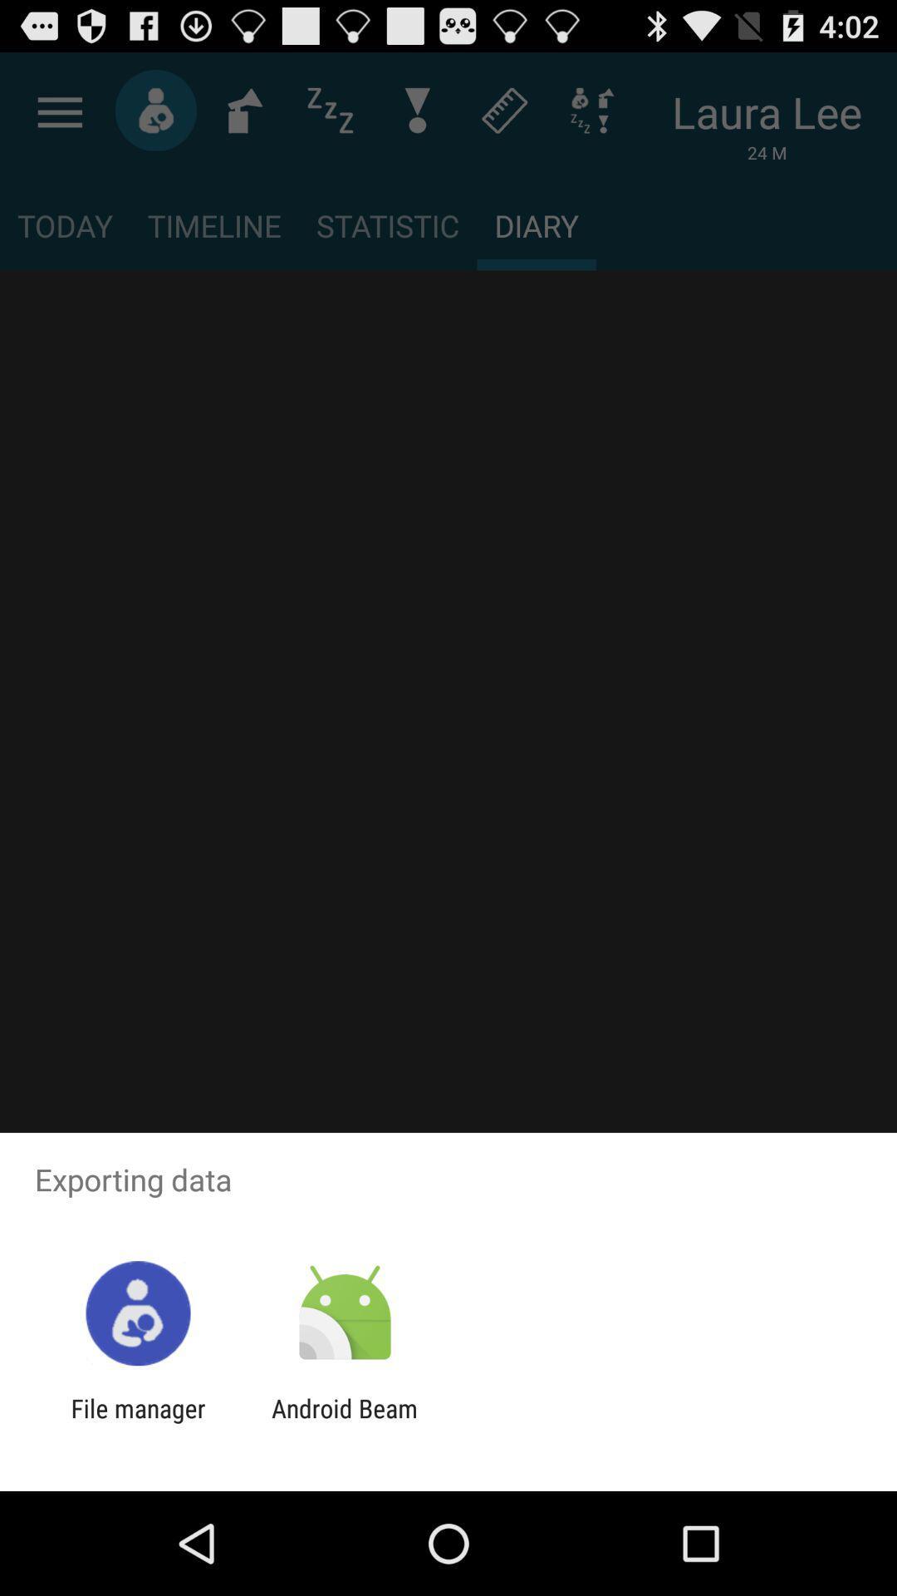 The height and width of the screenshot is (1596, 897). I want to click on the android beam, so click(344, 1422).